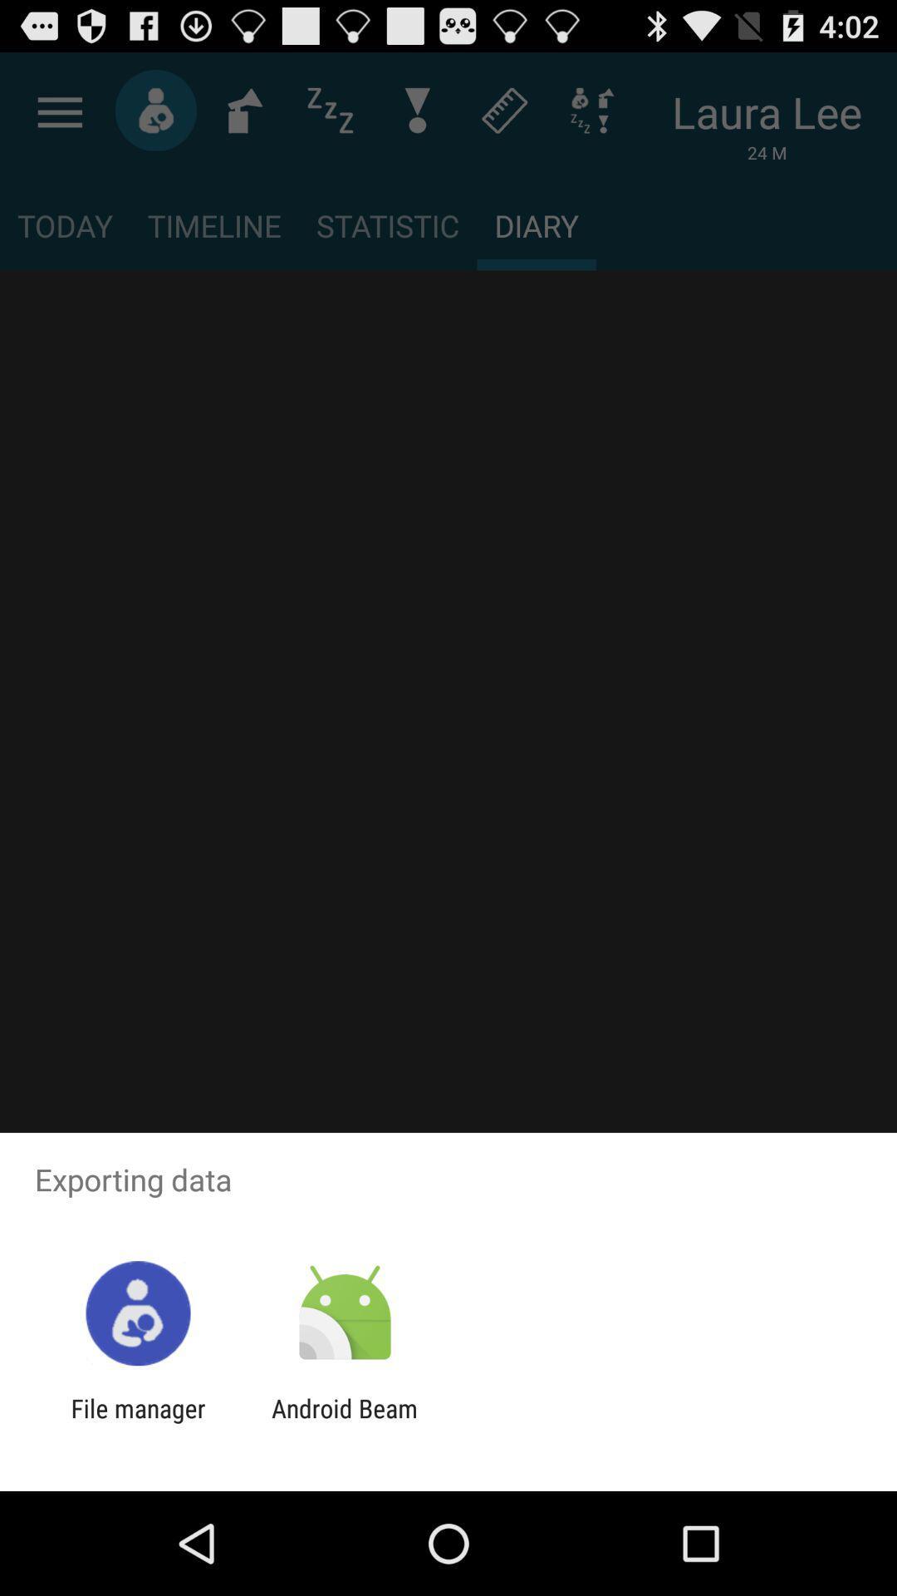 The height and width of the screenshot is (1596, 897). I want to click on the android beam, so click(344, 1422).